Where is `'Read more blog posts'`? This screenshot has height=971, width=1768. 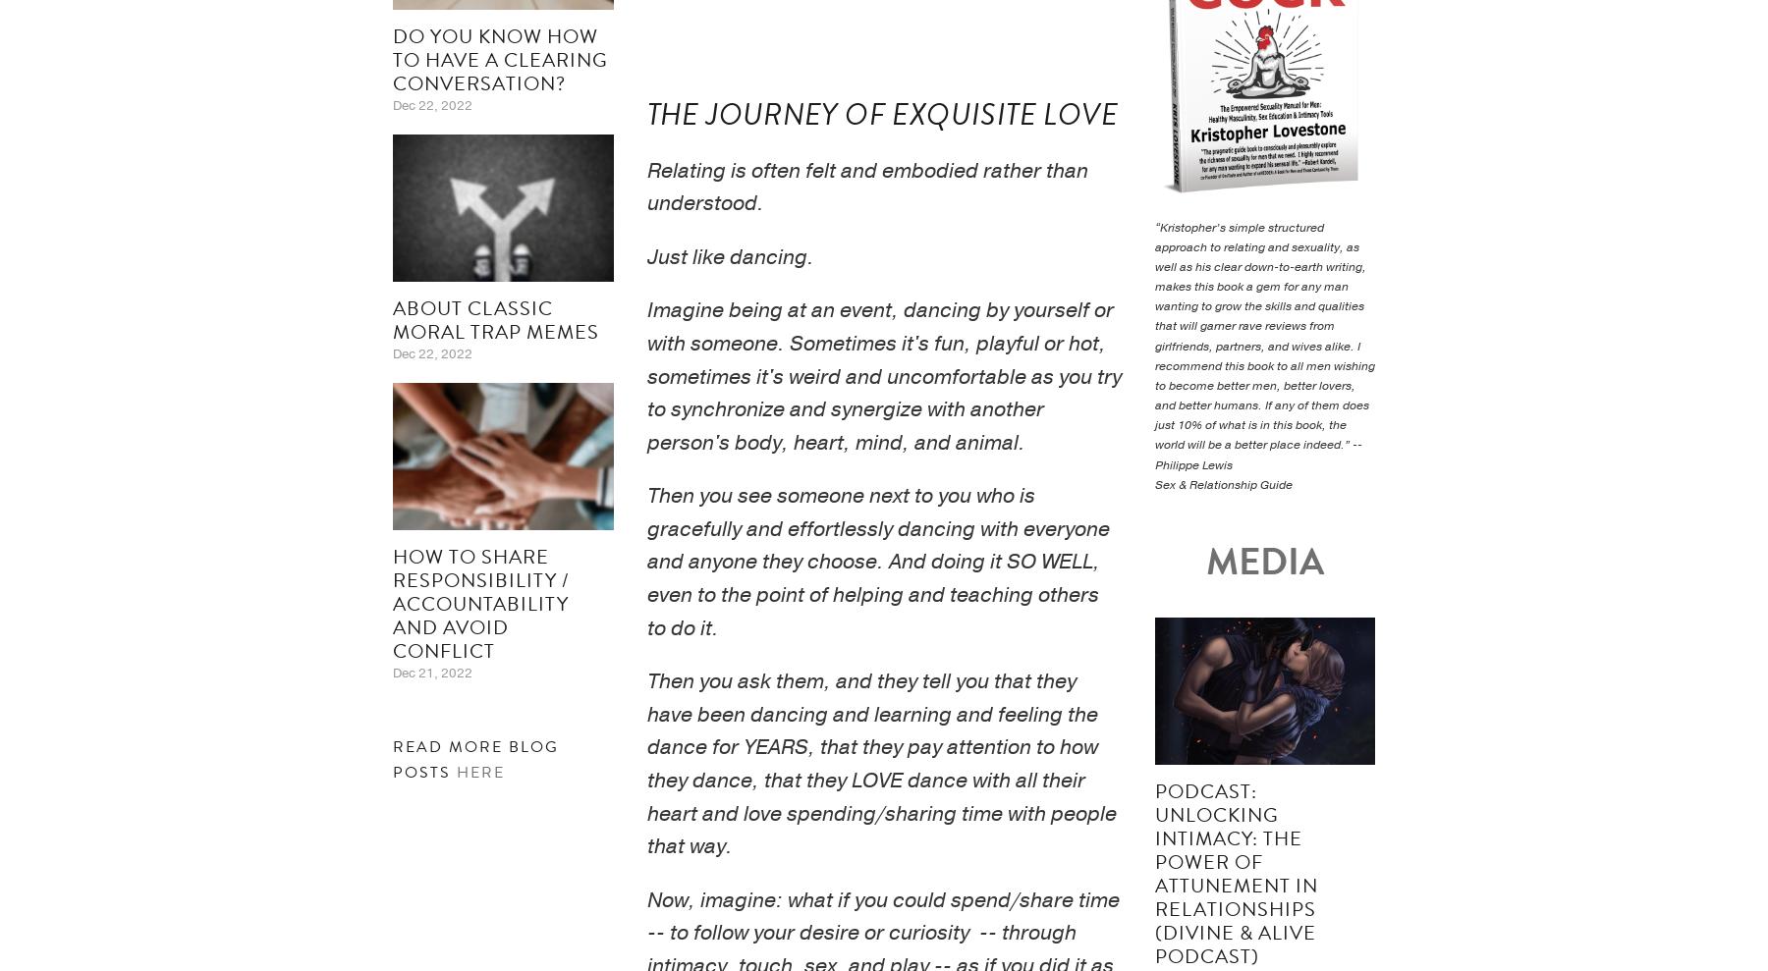 'Read more blog posts' is located at coordinates (477, 758).